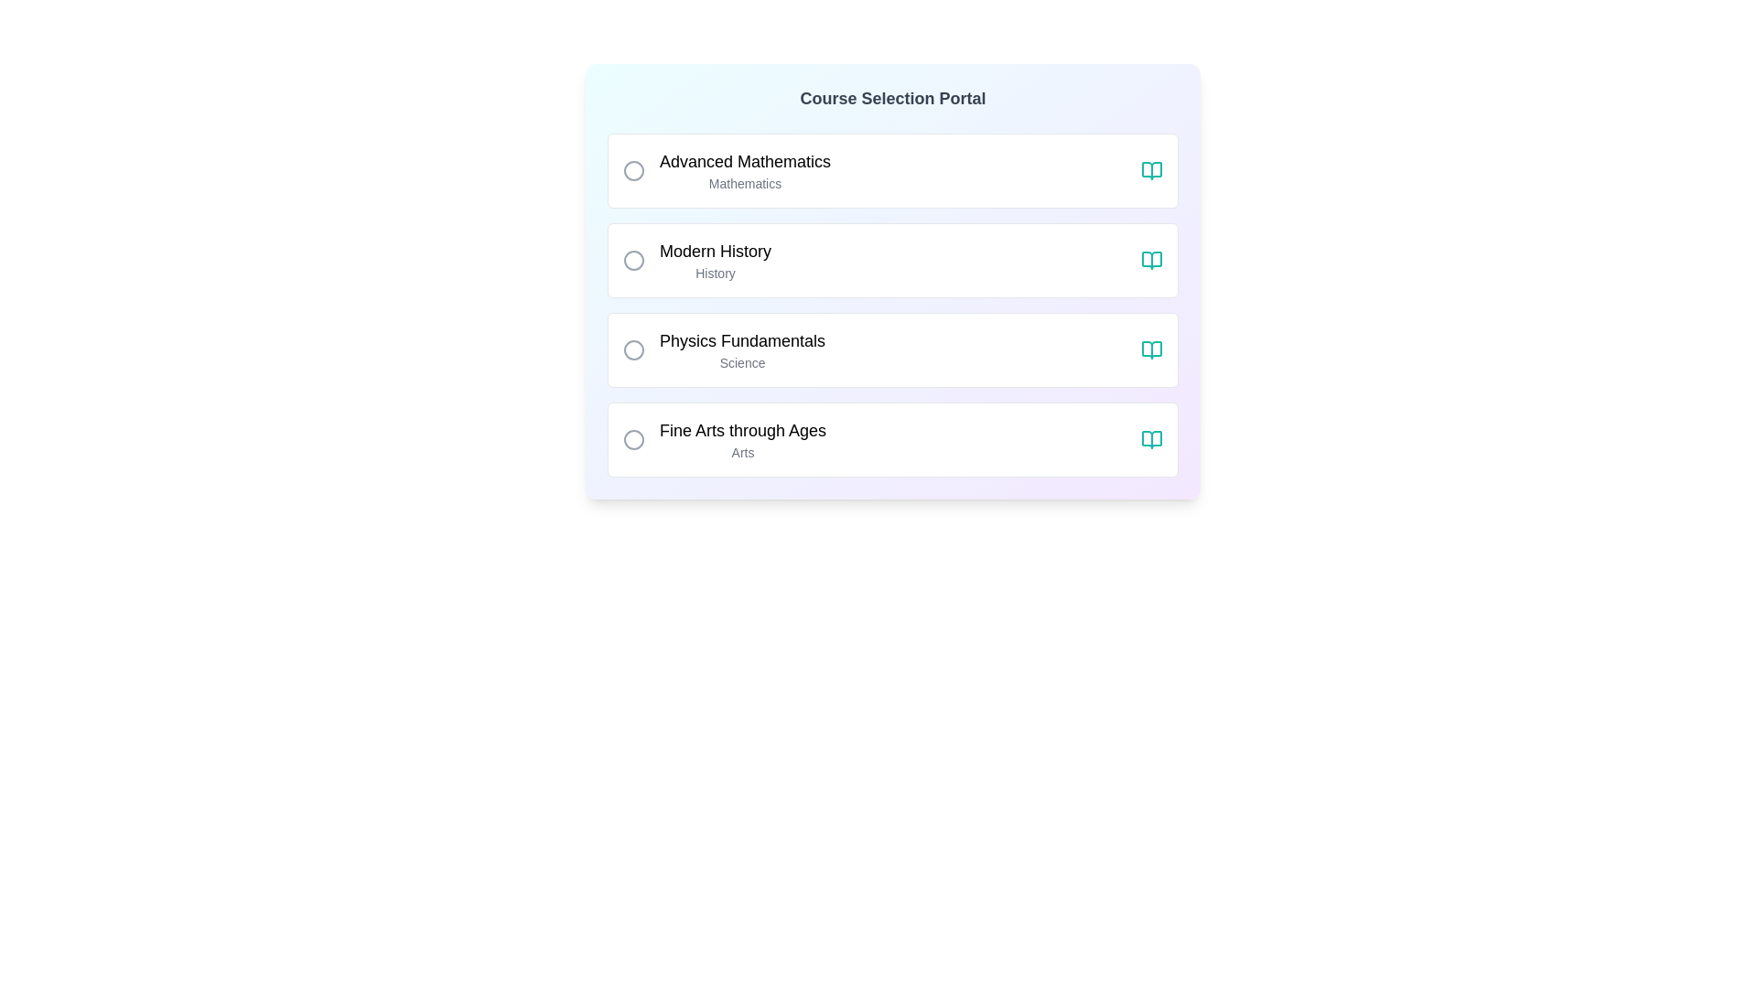  I want to click on the text label displaying 'Fine Arts through Ages', which is styled with a medium font weight and a large text size, located in the bottommost row of the course selection interface, so click(742, 430).